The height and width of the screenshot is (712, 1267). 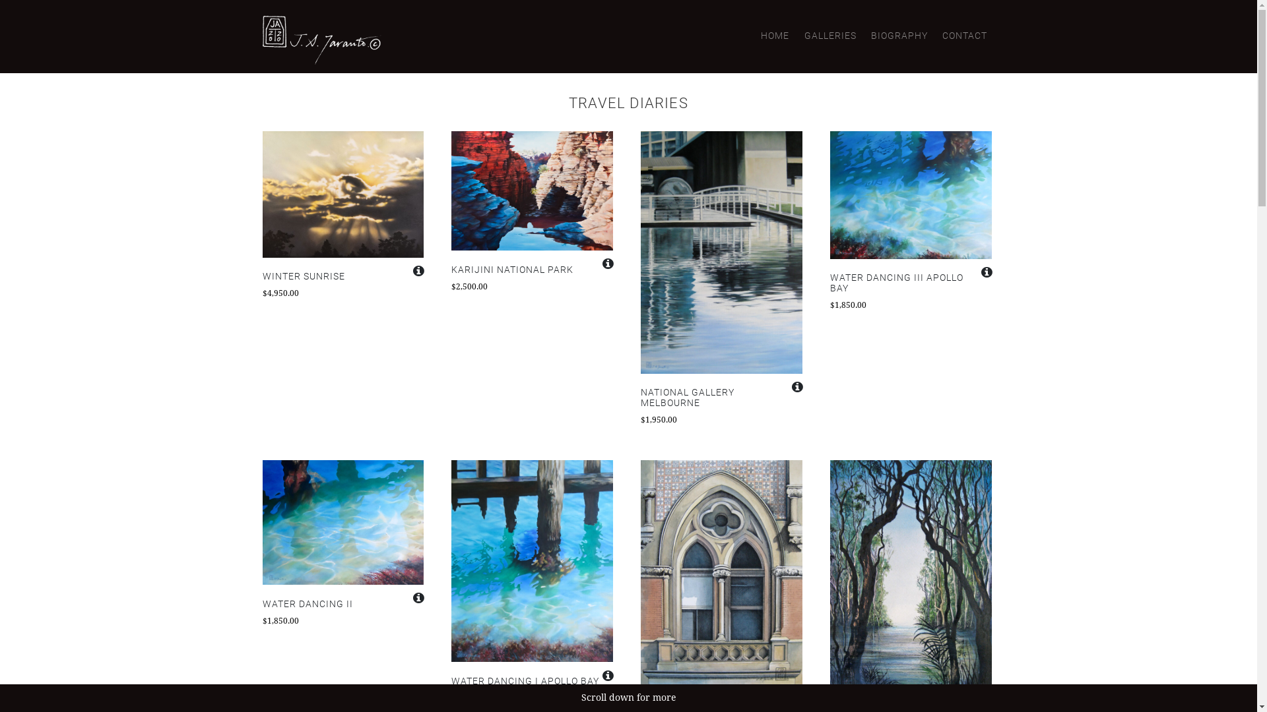 What do you see at coordinates (721, 398) in the screenshot?
I see `'NATIONAL GALLERY MELBOURNE'` at bounding box center [721, 398].